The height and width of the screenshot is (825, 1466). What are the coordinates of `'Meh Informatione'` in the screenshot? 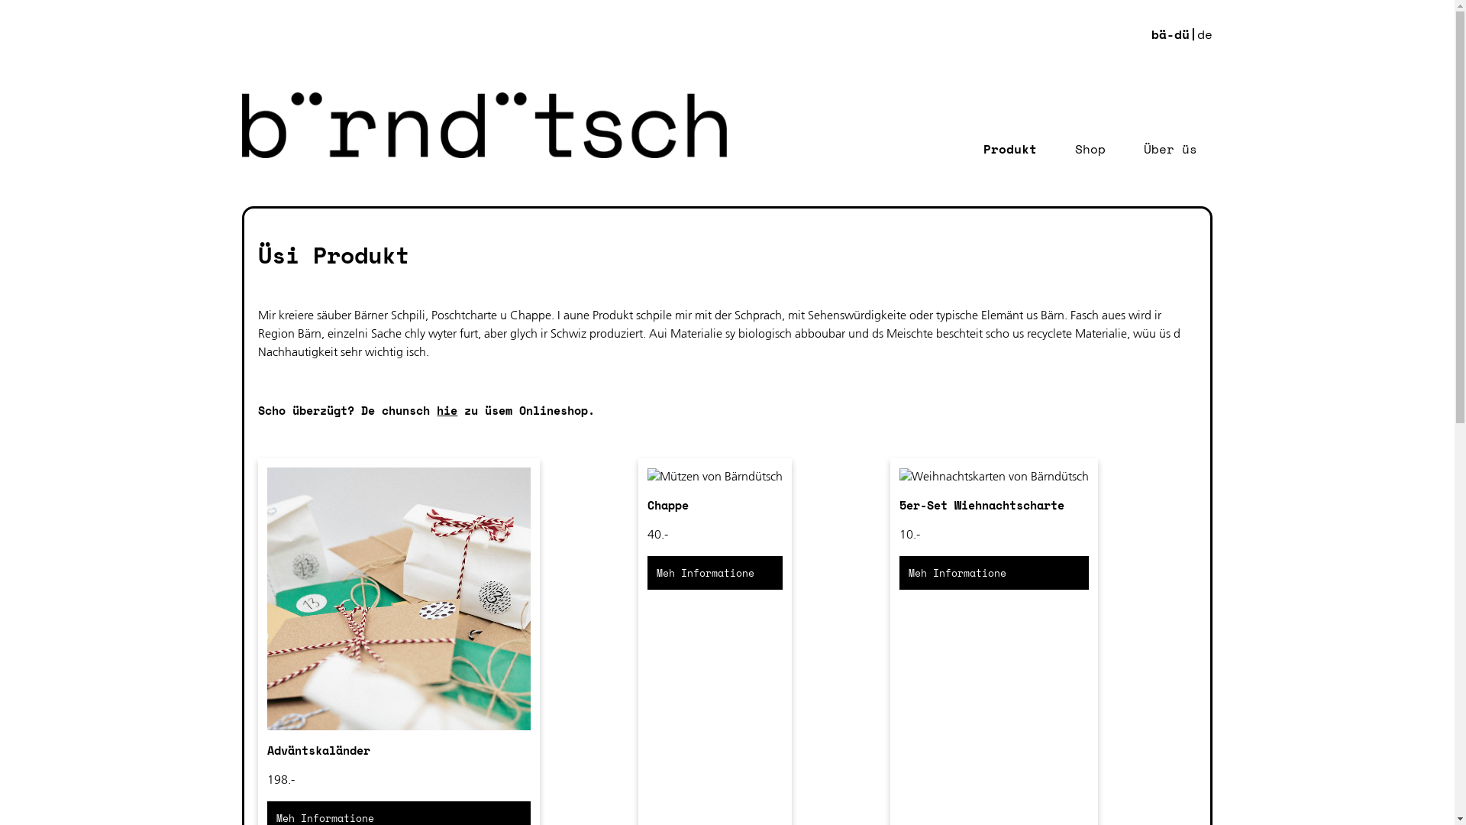 It's located at (993, 572).